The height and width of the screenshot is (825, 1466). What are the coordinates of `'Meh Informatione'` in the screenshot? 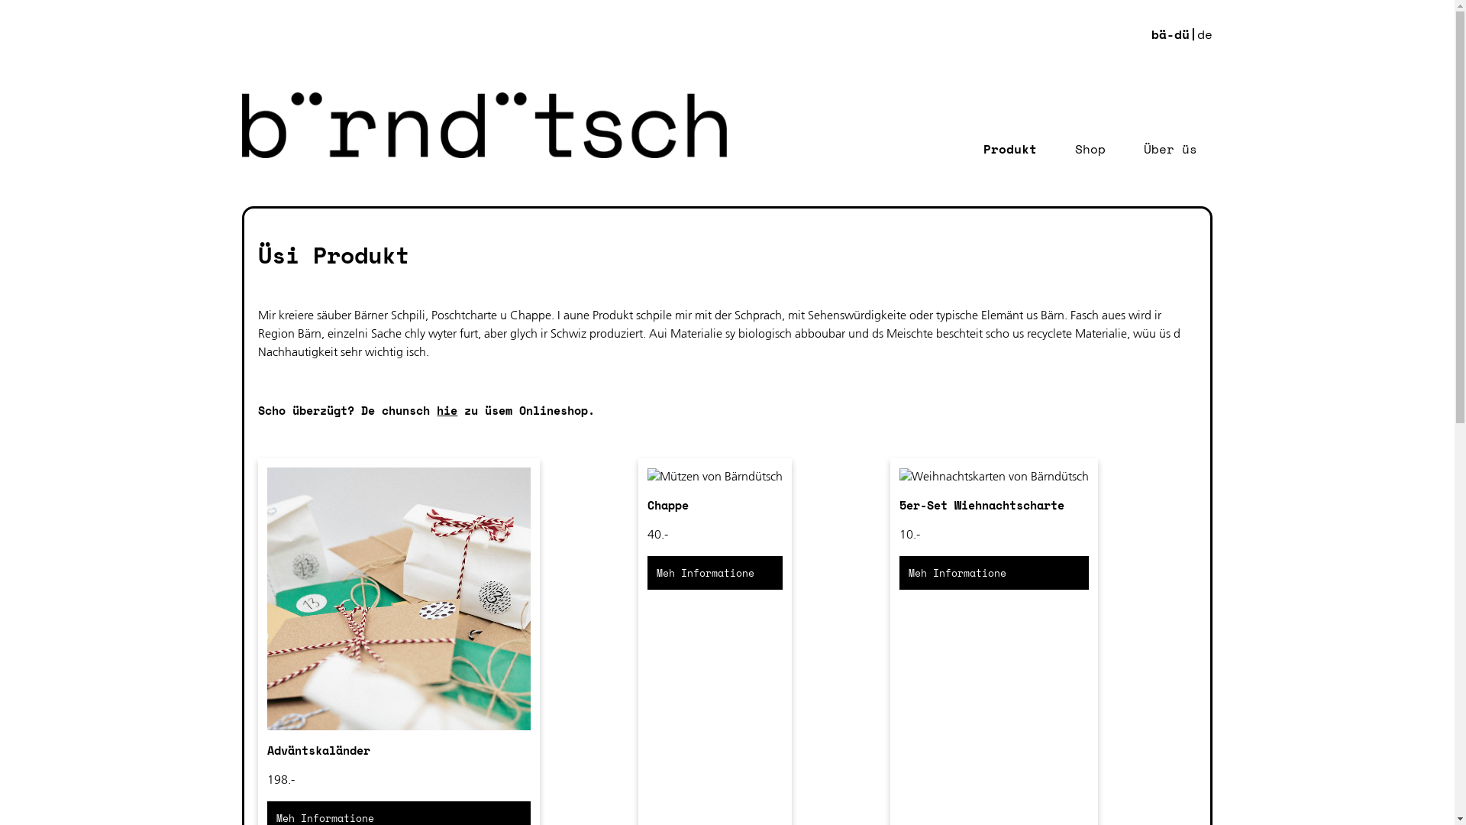 It's located at (993, 572).